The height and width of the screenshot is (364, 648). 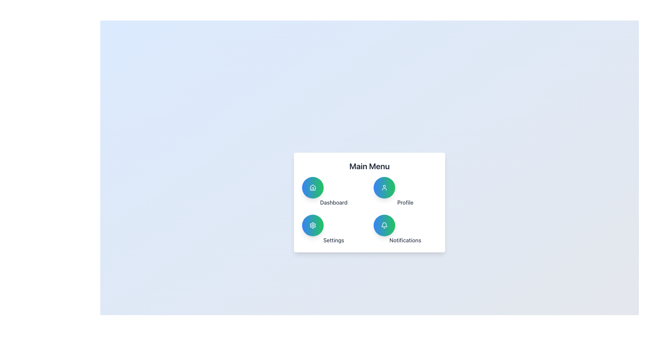 What do you see at coordinates (312, 225) in the screenshot?
I see `the settings button located in the bottom-left of the menu section labeled 'Settings' by moving the cursor to its center point` at bounding box center [312, 225].